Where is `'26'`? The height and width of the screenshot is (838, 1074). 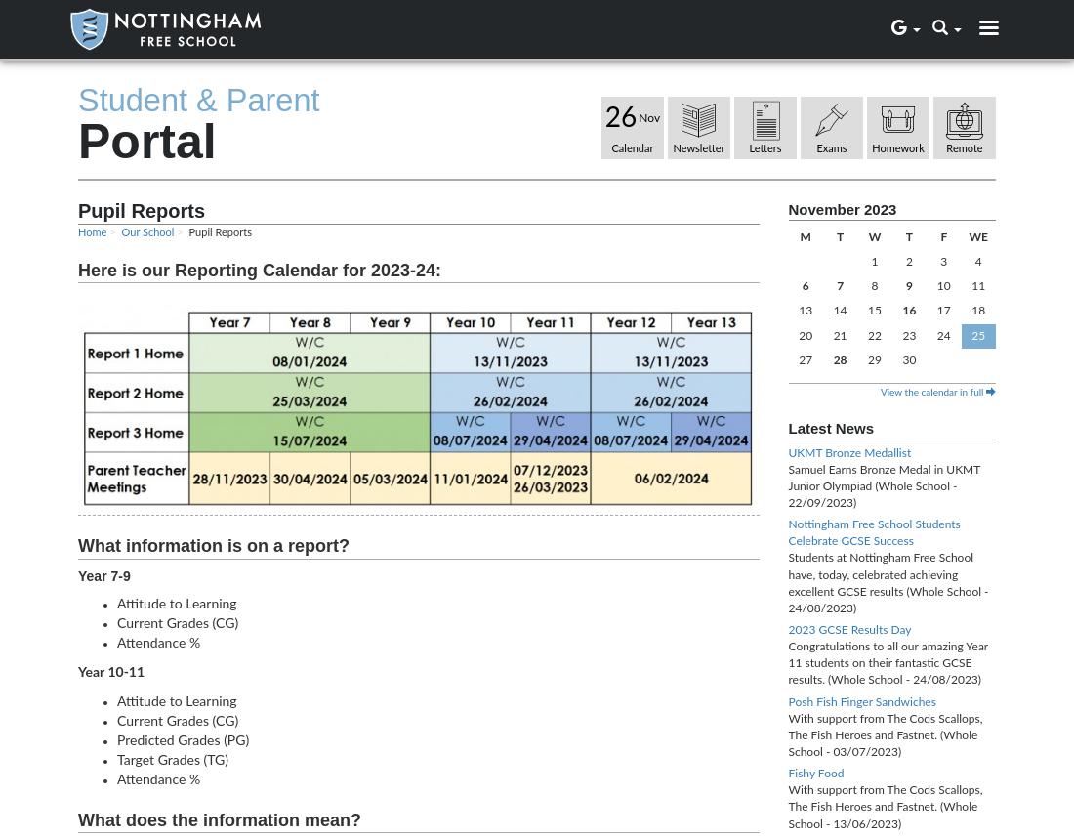 '26' is located at coordinates (620, 117).